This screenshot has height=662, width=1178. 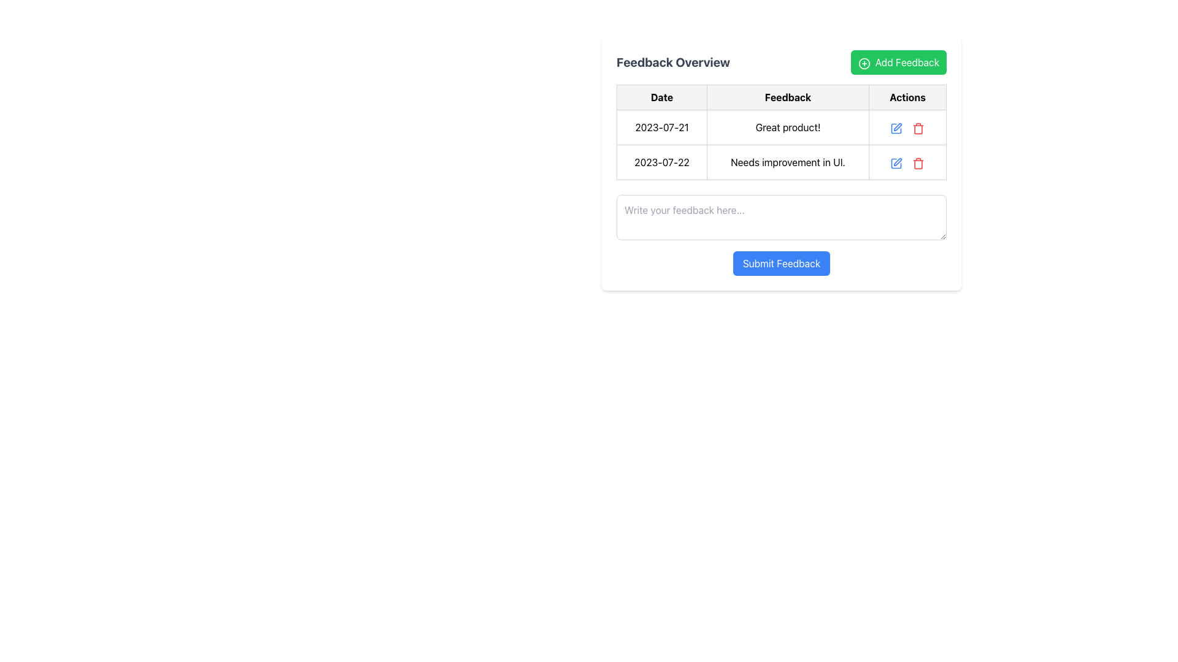 I want to click on text within each header cell of the table header row located in the 'Feedback Overview' section, which has a gray background and contains the titles 'Date', 'Feedback', and 'Actions', so click(x=780, y=96).